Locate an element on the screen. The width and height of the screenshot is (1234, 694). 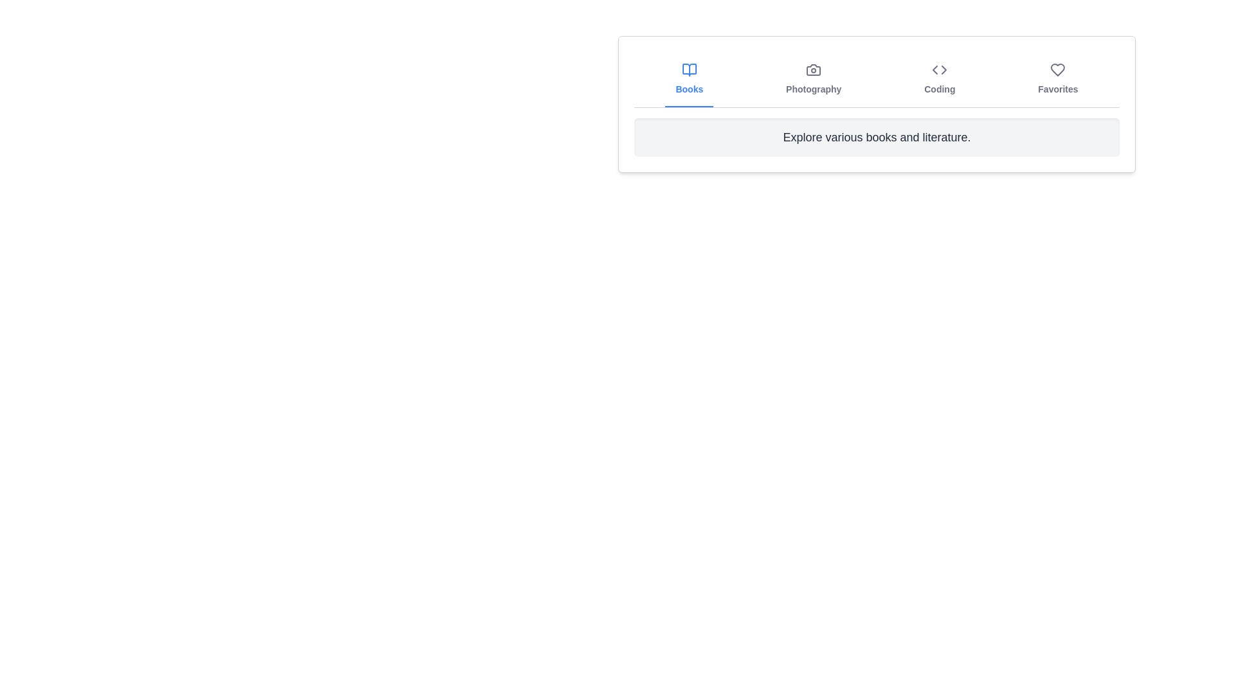
the 'Books' icon in the navigation bar is located at coordinates (688, 69).